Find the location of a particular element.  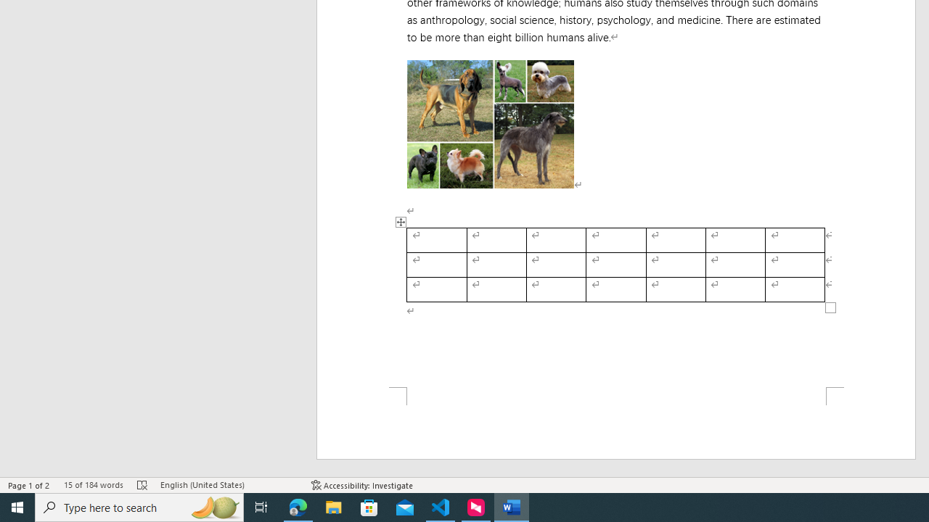

'Spelling and Grammar Check Errors' is located at coordinates (142, 485).